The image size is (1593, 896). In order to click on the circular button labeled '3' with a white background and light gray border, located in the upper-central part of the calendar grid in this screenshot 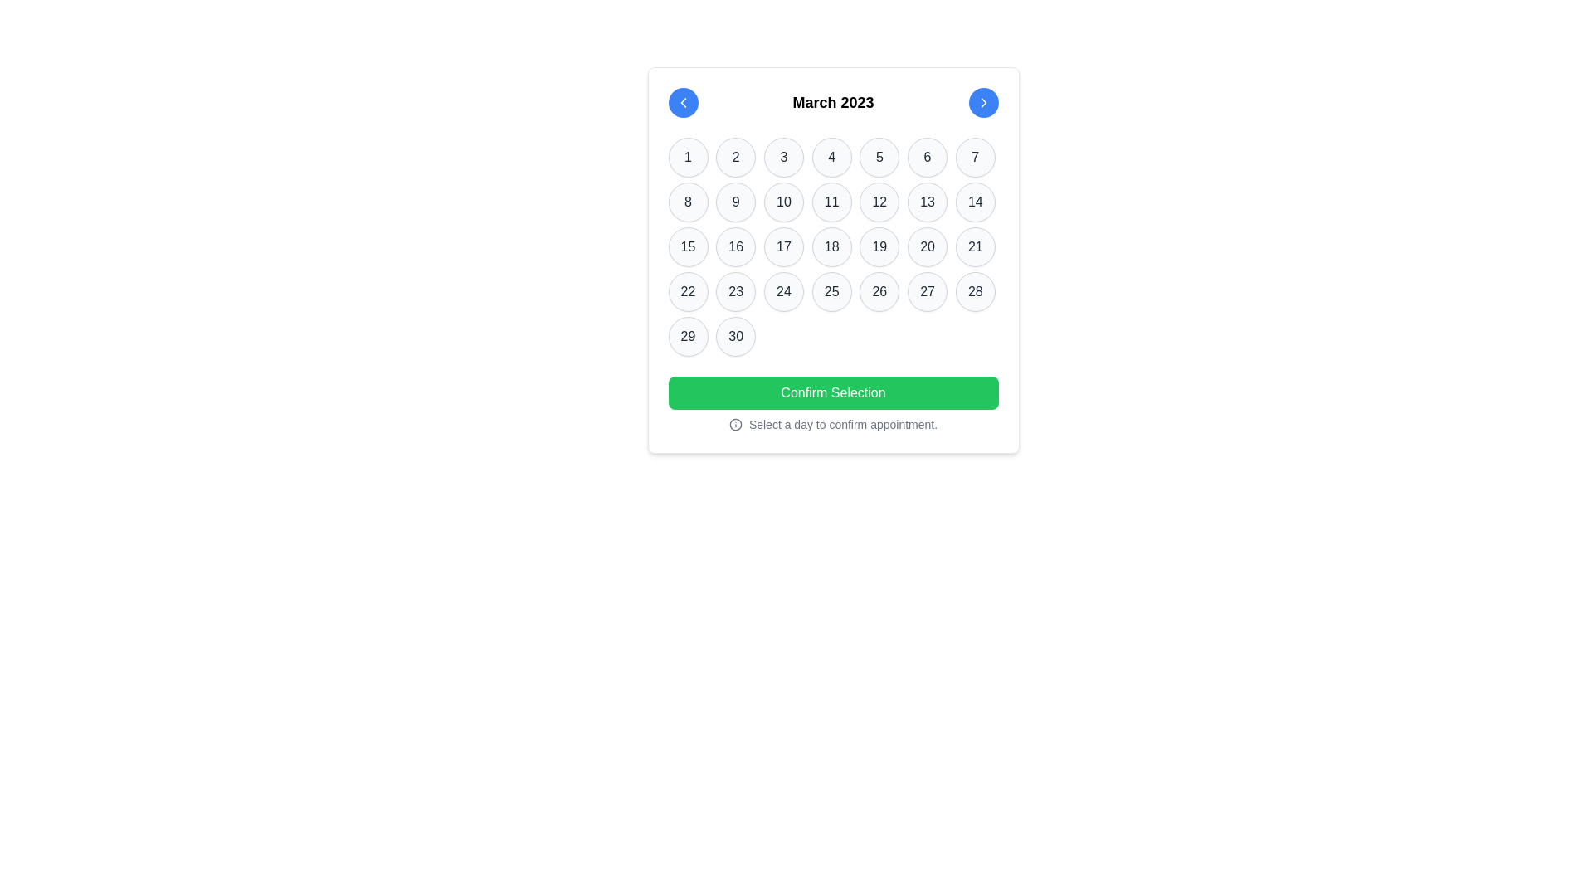, I will do `click(782, 157)`.